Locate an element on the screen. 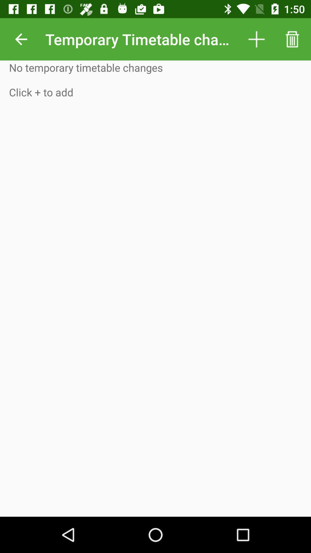 This screenshot has width=311, height=553. icon to the right of temporary timetable changes item is located at coordinates (256, 39).